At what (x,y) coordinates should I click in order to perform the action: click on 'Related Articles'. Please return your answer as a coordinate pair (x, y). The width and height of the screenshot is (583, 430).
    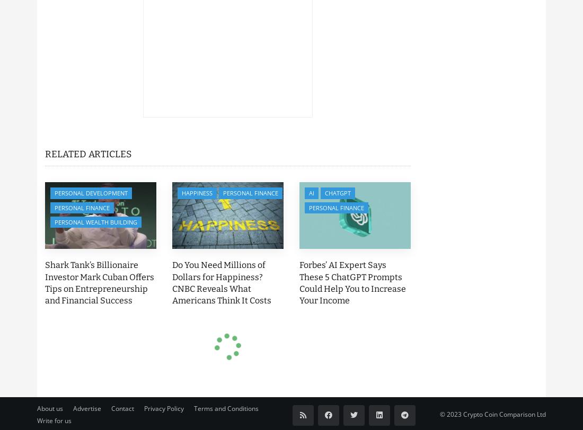
    Looking at the image, I should click on (45, 154).